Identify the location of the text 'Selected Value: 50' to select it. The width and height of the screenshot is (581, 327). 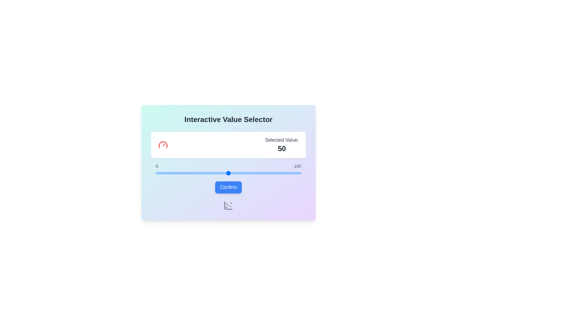
(228, 145).